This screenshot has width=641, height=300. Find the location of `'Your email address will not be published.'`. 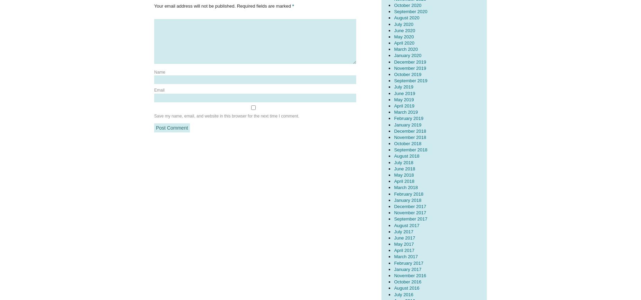

'Your email address will not be published.' is located at coordinates (195, 6).